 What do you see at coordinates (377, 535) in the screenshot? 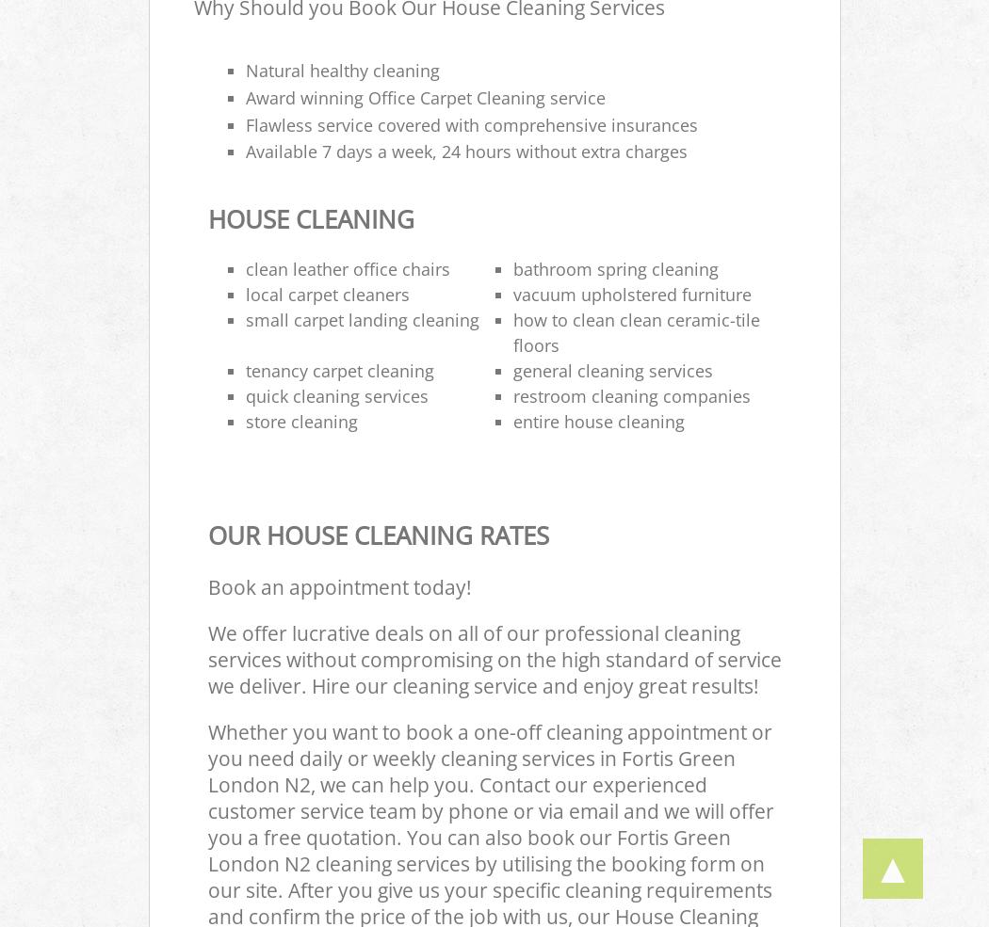
I see `'Our House Cleaning Rates'` at bounding box center [377, 535].